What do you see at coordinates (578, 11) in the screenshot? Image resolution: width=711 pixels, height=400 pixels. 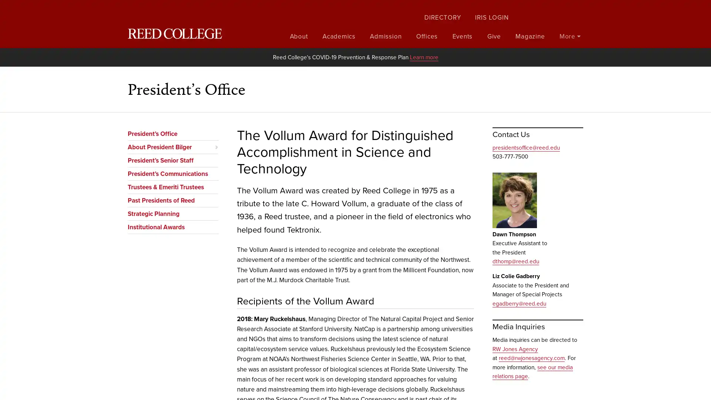 I see `Search Reed` at bounding box center [578, 11].